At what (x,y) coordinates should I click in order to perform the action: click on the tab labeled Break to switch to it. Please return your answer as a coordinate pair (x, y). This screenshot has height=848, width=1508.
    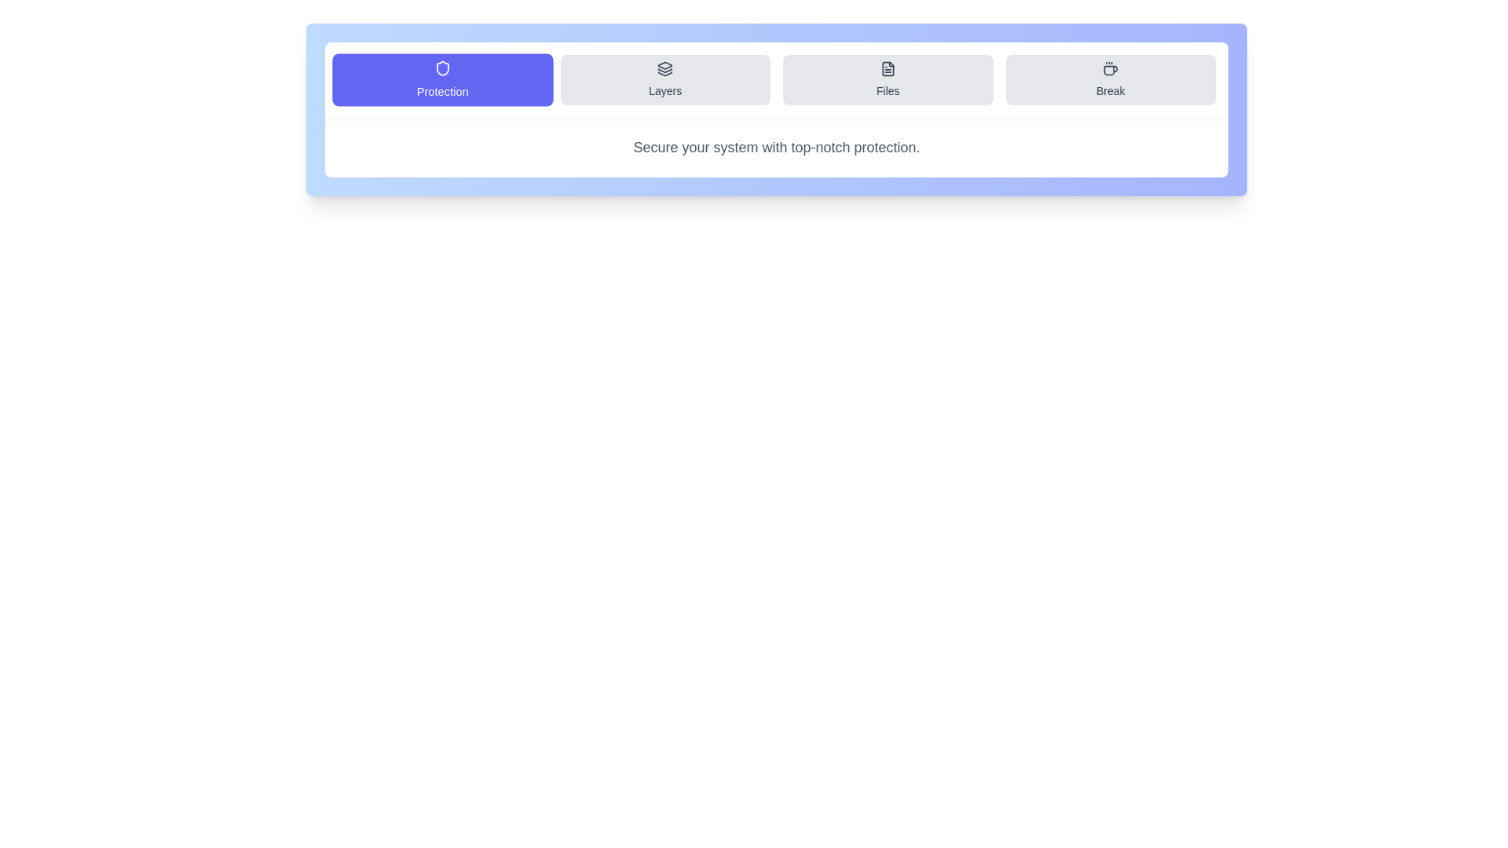
    Looking at the image, I should click on (1110, 79).